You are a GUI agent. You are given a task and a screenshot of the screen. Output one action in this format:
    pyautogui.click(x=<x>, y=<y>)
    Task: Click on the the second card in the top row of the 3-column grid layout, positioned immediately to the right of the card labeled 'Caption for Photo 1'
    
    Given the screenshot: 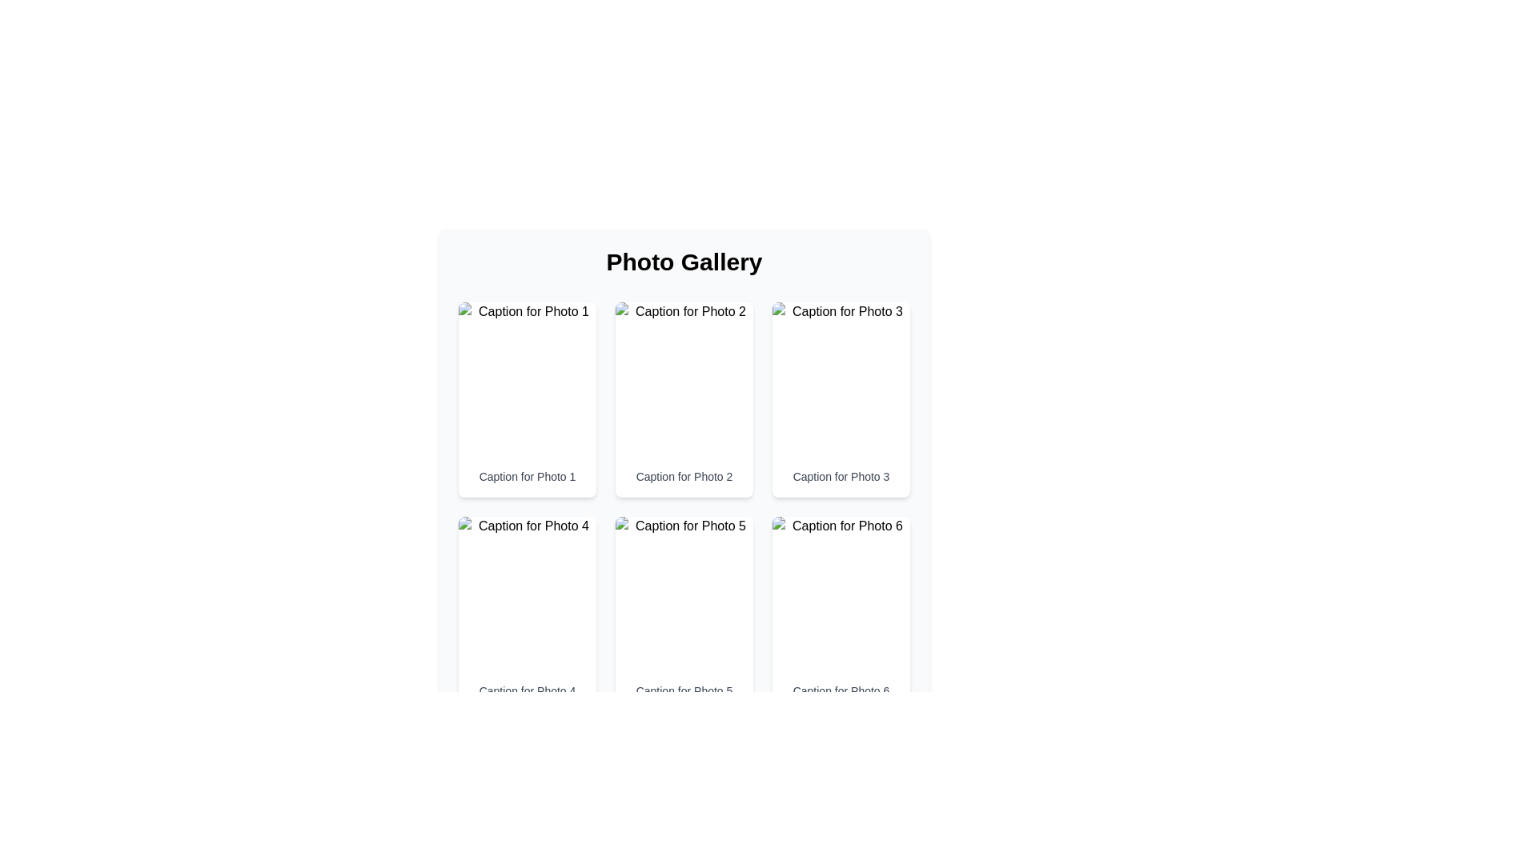 What is the action you would take?
    pyautogui.click(x=684, y=399)
    